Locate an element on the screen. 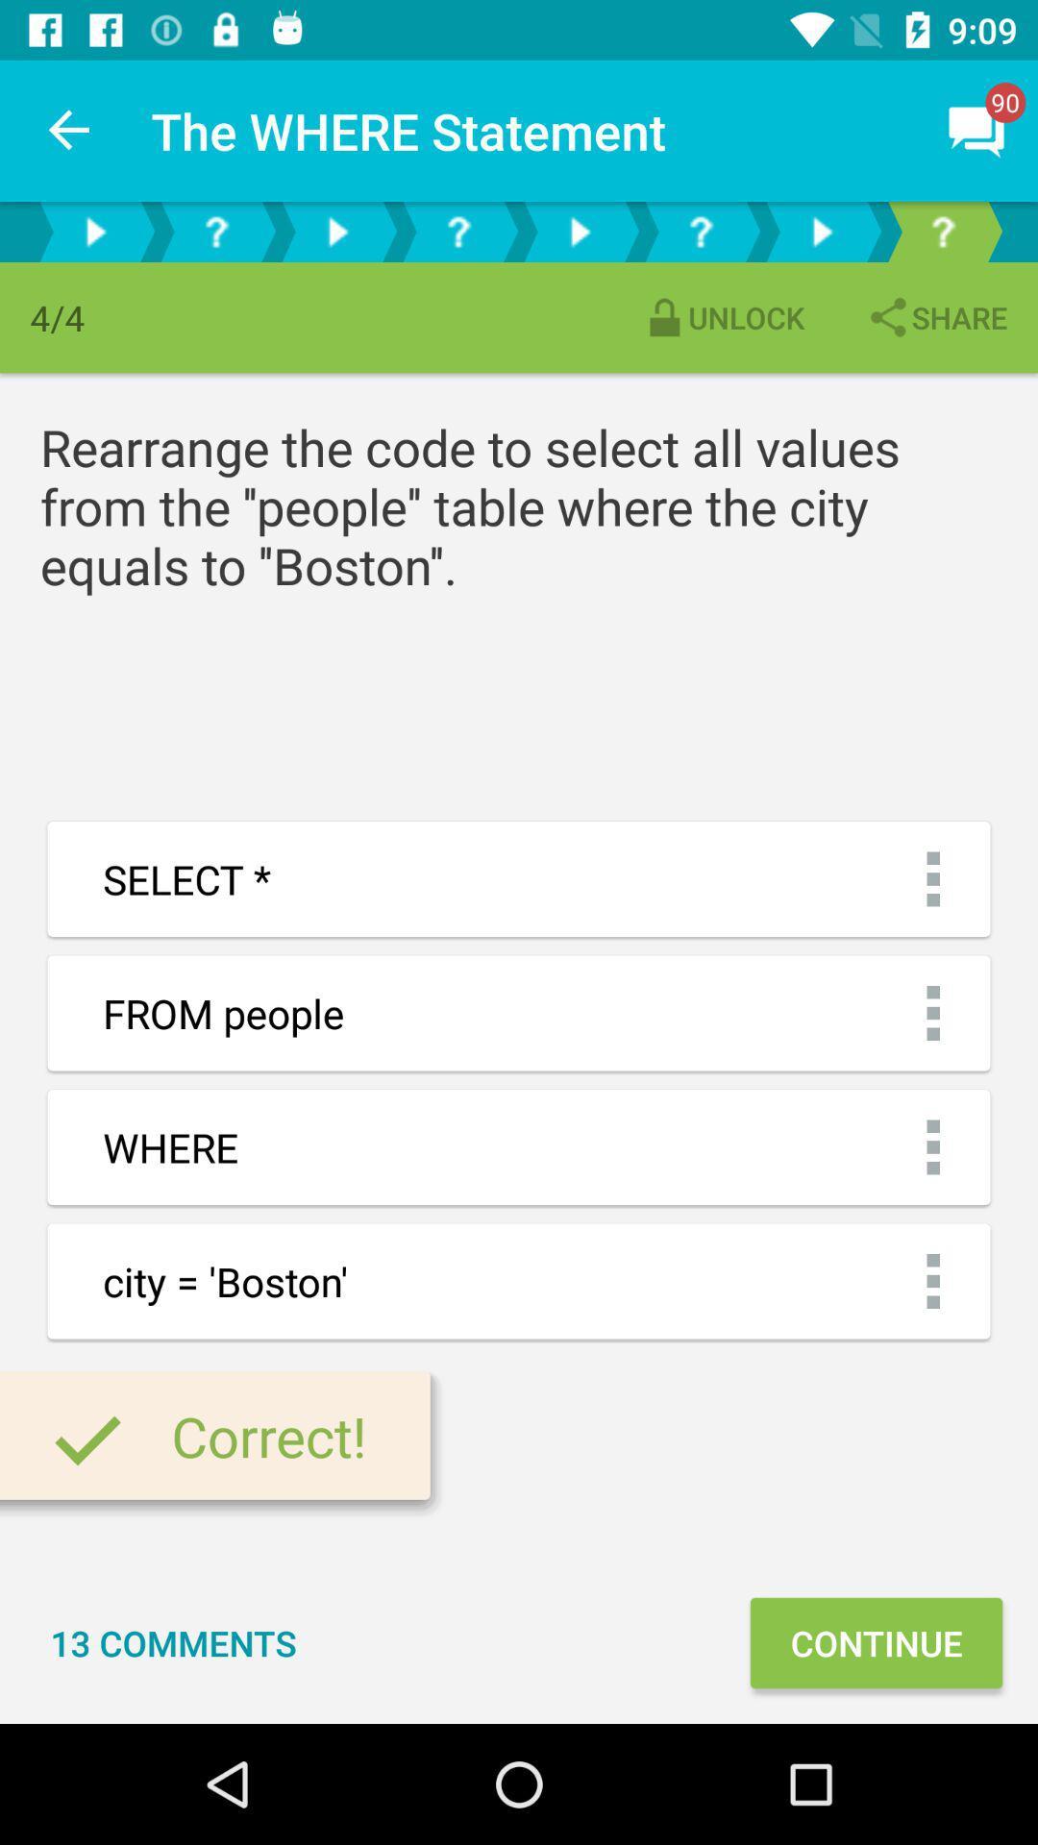 The height and width of the screenshot is (1845, 1038). button for question part is located at coordinates (215, 231).